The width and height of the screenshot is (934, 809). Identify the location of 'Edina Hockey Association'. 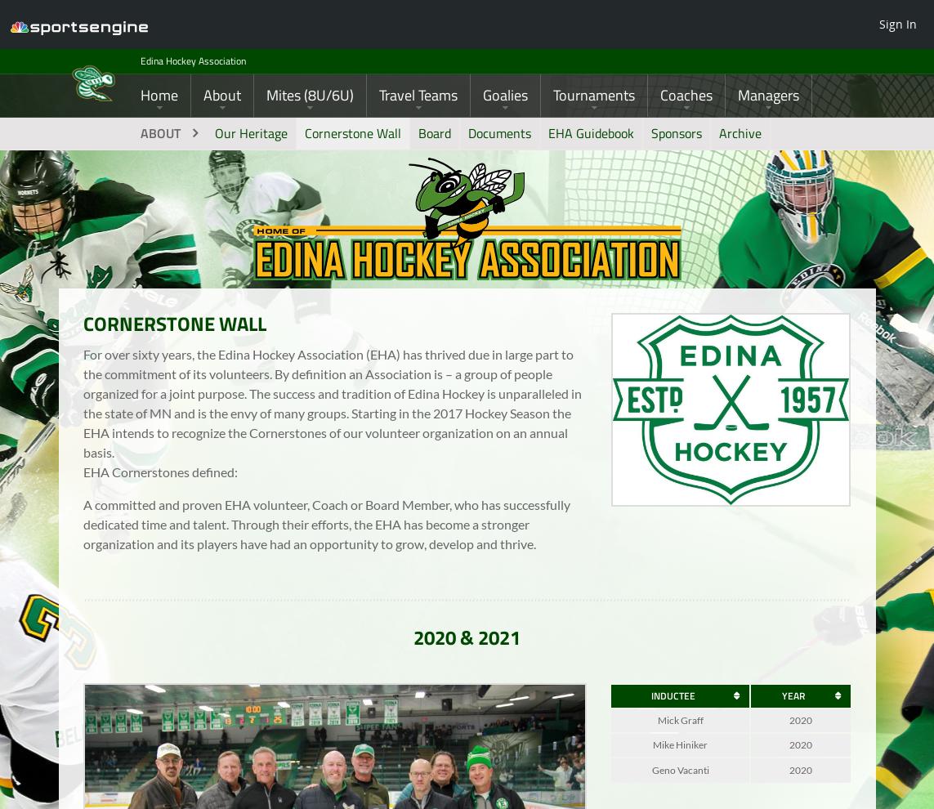
(203, 65).